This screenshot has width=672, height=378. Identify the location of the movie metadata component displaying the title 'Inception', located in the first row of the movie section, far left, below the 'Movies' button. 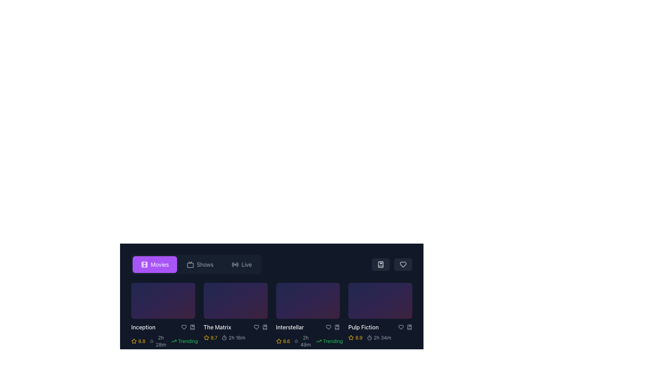
(163, 335).